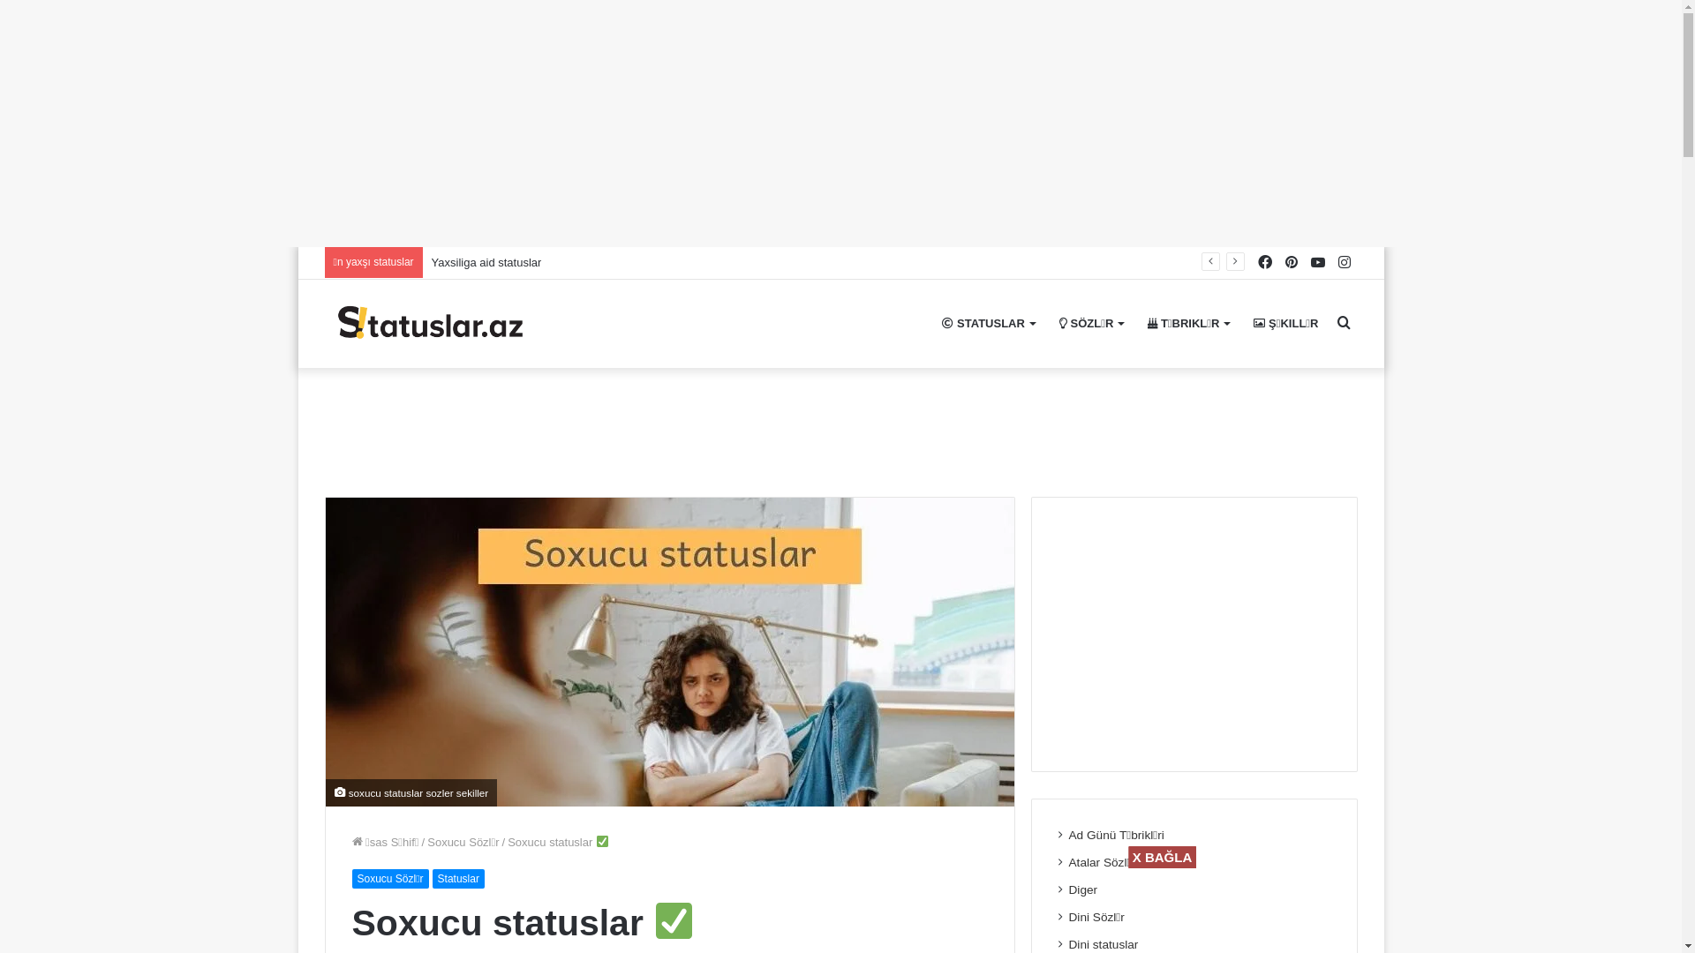 This screenshot has height=953, width=1695. I want to click on 'Advertisement', so click(529, 122).